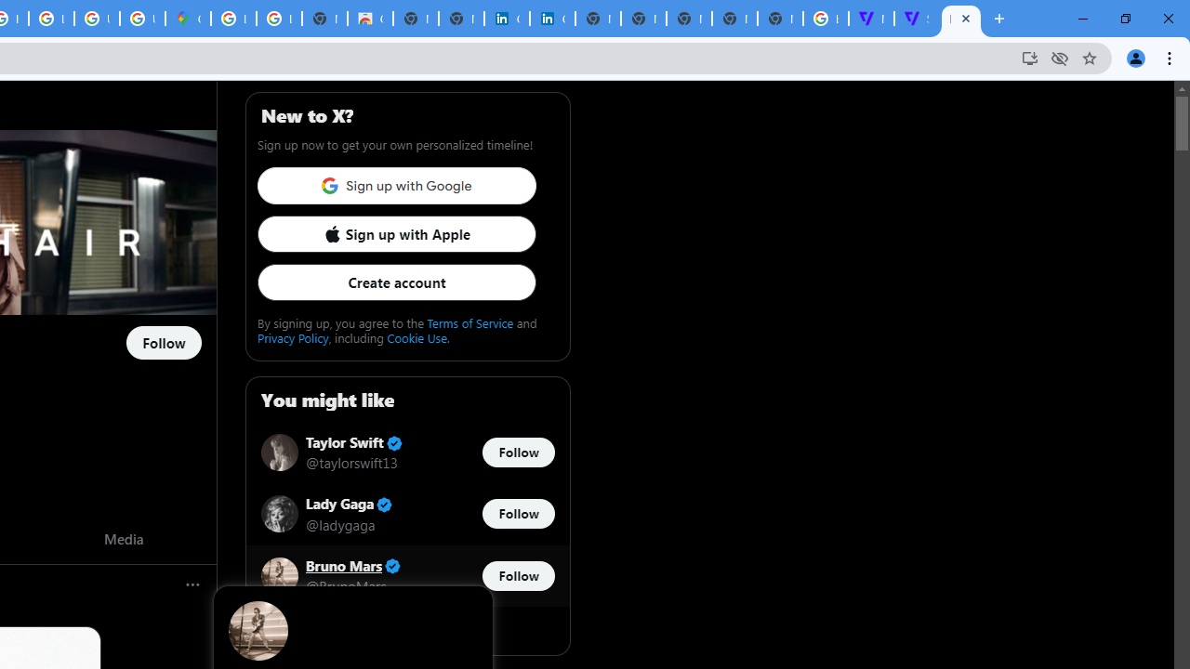  Describe the element at coordinates (961, 19) in the screenshot. I see `'Rihanna (@rihanna) / X'` at that location.